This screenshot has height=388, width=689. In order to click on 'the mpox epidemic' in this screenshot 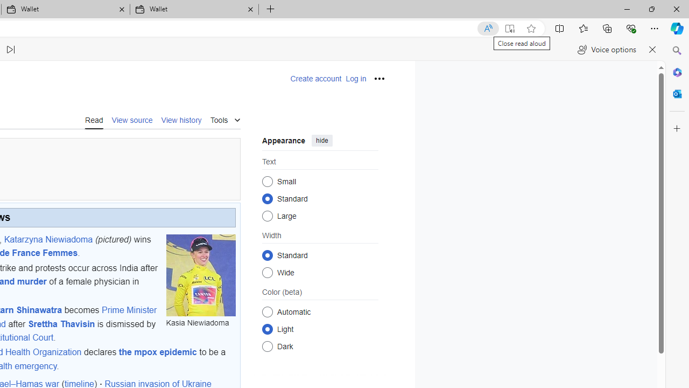, I will do `click(157, 352)`.